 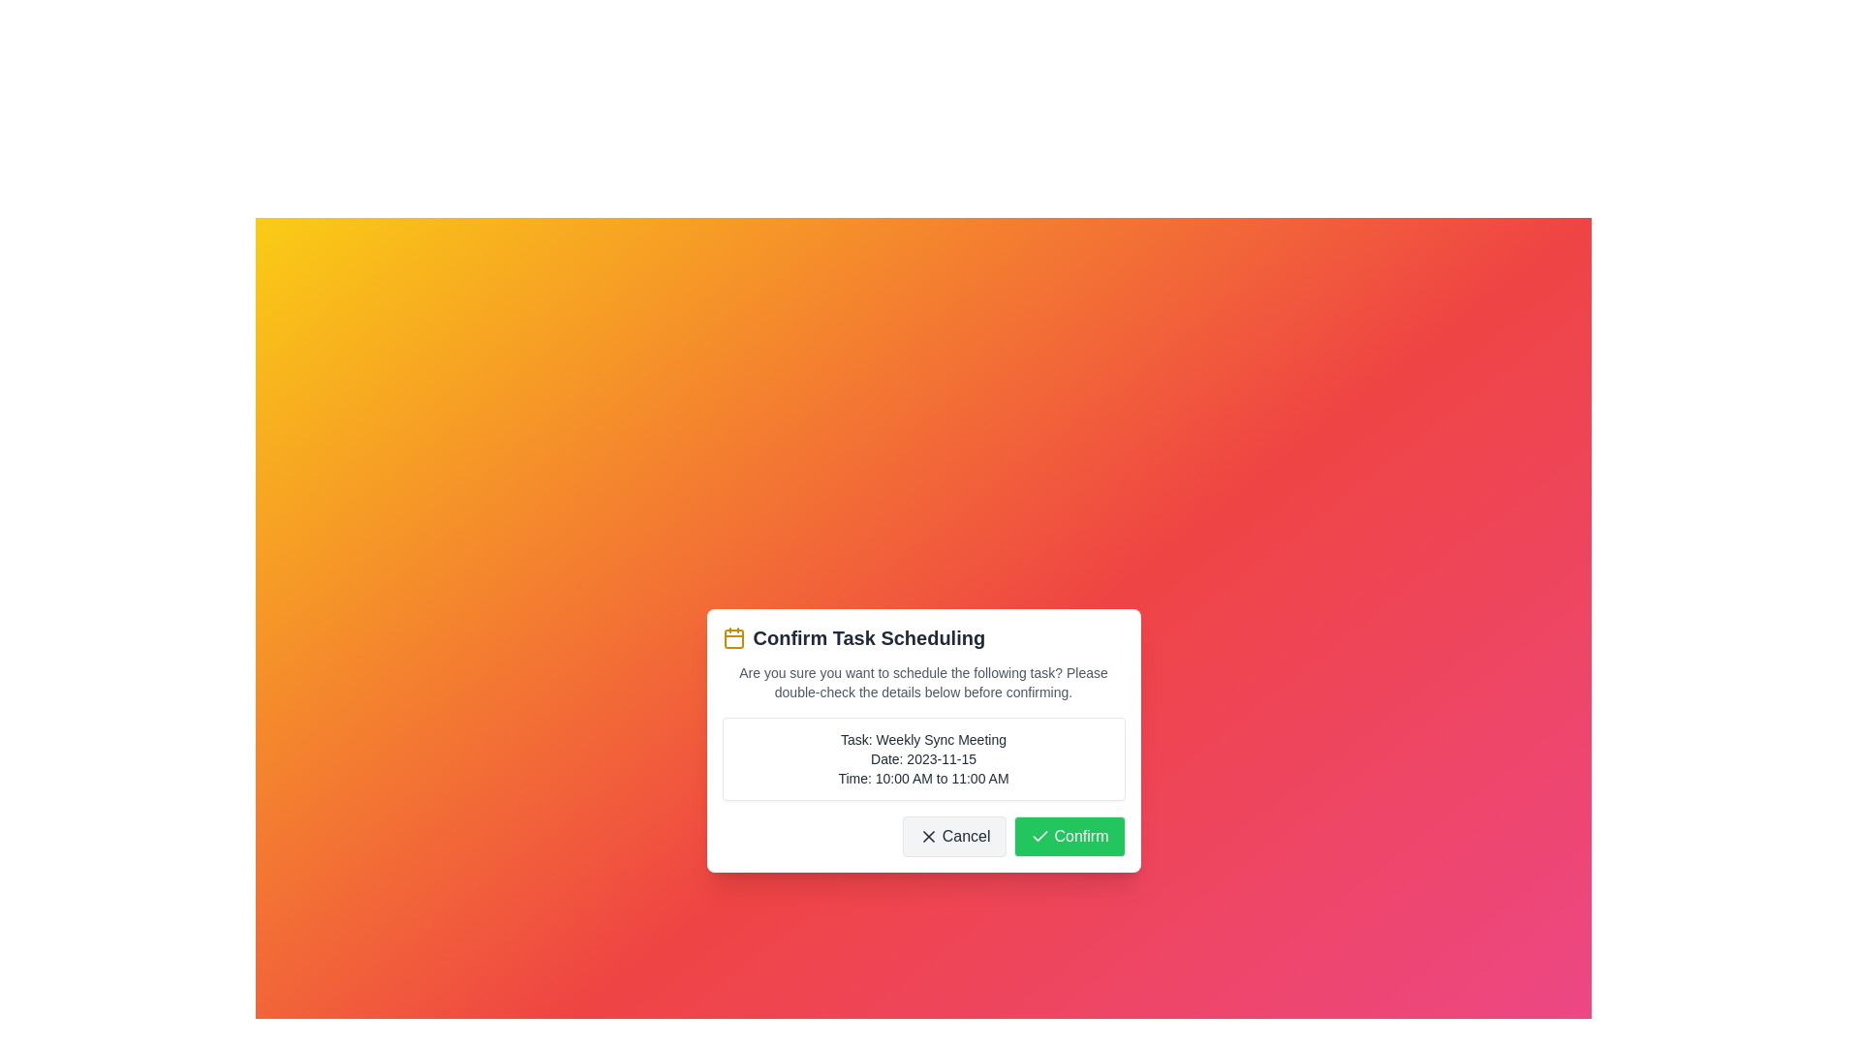 I want to click on the cancellation icon (SVG) located to the left of the 'Cancel' button at the bottom-left of the confirmation dialog box, so click(x=927, y=836).